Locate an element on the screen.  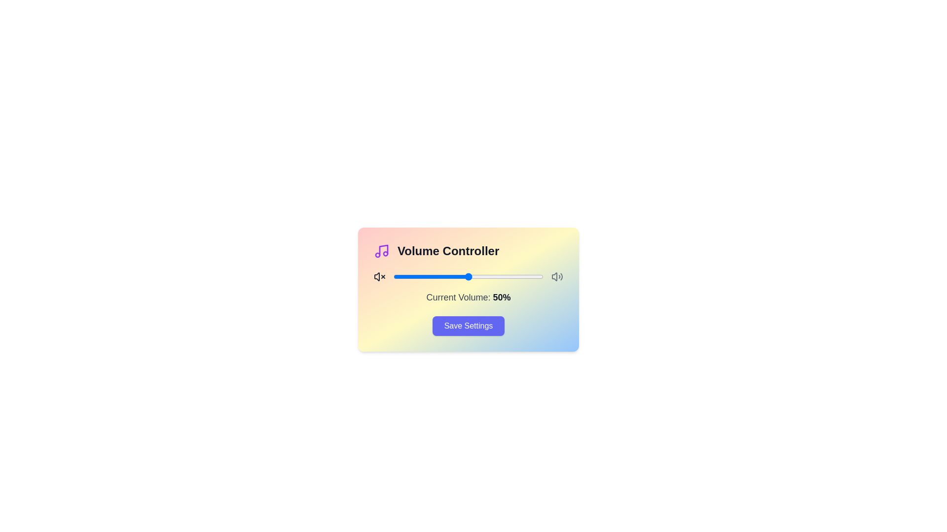
the maximum volume icon to set the volume to 100% is located at coordinates (557, 277).